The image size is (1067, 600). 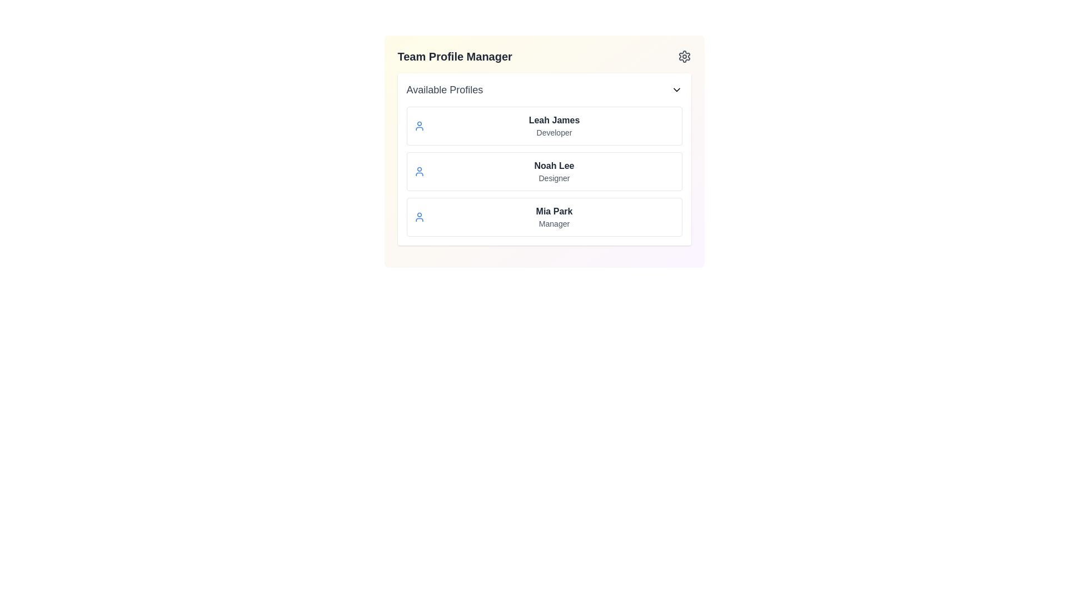 I want to click on the static text element displaying 'Designer', which is styled in gray and positioned directly below 'Noah Lee' in the profile box, so click(x=554, y=177).